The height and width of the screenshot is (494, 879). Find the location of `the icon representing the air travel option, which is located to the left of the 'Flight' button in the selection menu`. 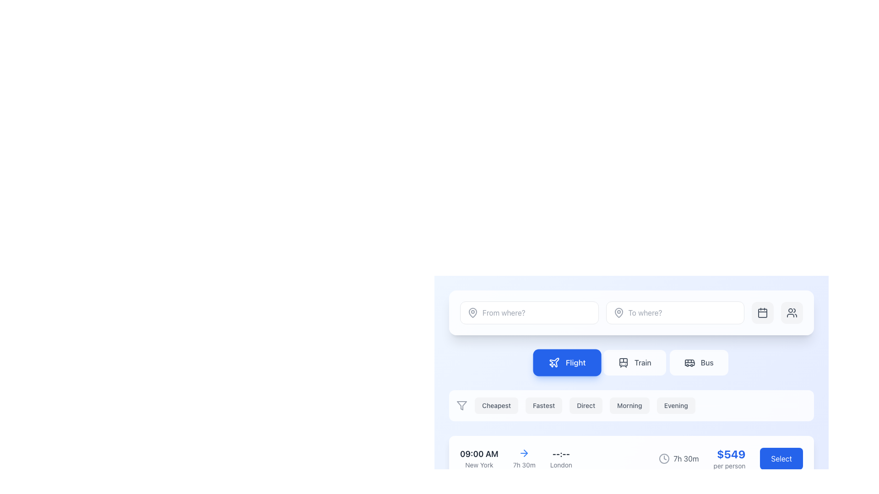

the icon representing the air travel option, which is located to the left of the 'Flight' button in the selection menu is located at coordinates (554, 362).